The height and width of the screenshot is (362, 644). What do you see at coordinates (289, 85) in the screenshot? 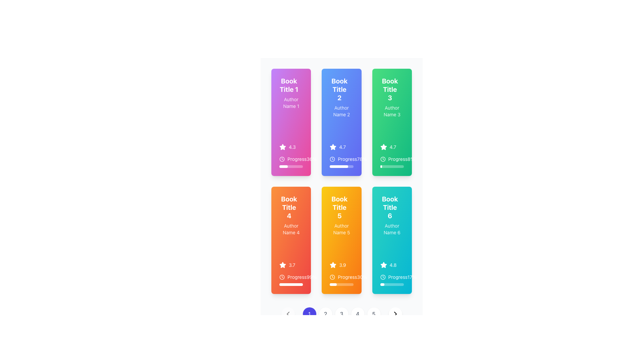
I see `the text content of the bold and extra-large text label displaying 'Book Title 1', located at the top of the leftmost card in the first row of a grid layout with a gradient pink background` at bounding box center [289, 85].